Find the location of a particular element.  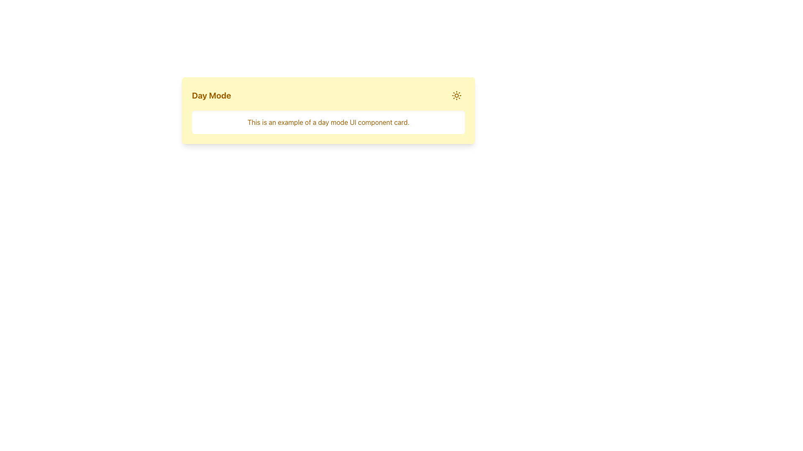

the sun-shaped icon located is located at coordinates (456, 95).